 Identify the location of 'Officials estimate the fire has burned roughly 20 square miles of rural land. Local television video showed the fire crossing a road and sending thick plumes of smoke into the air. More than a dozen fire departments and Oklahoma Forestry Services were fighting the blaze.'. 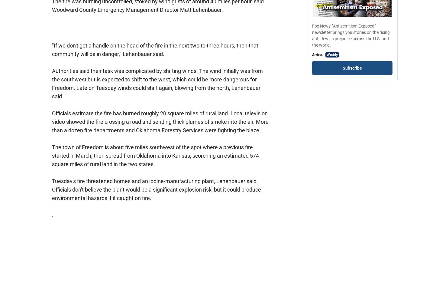
(52, 121).